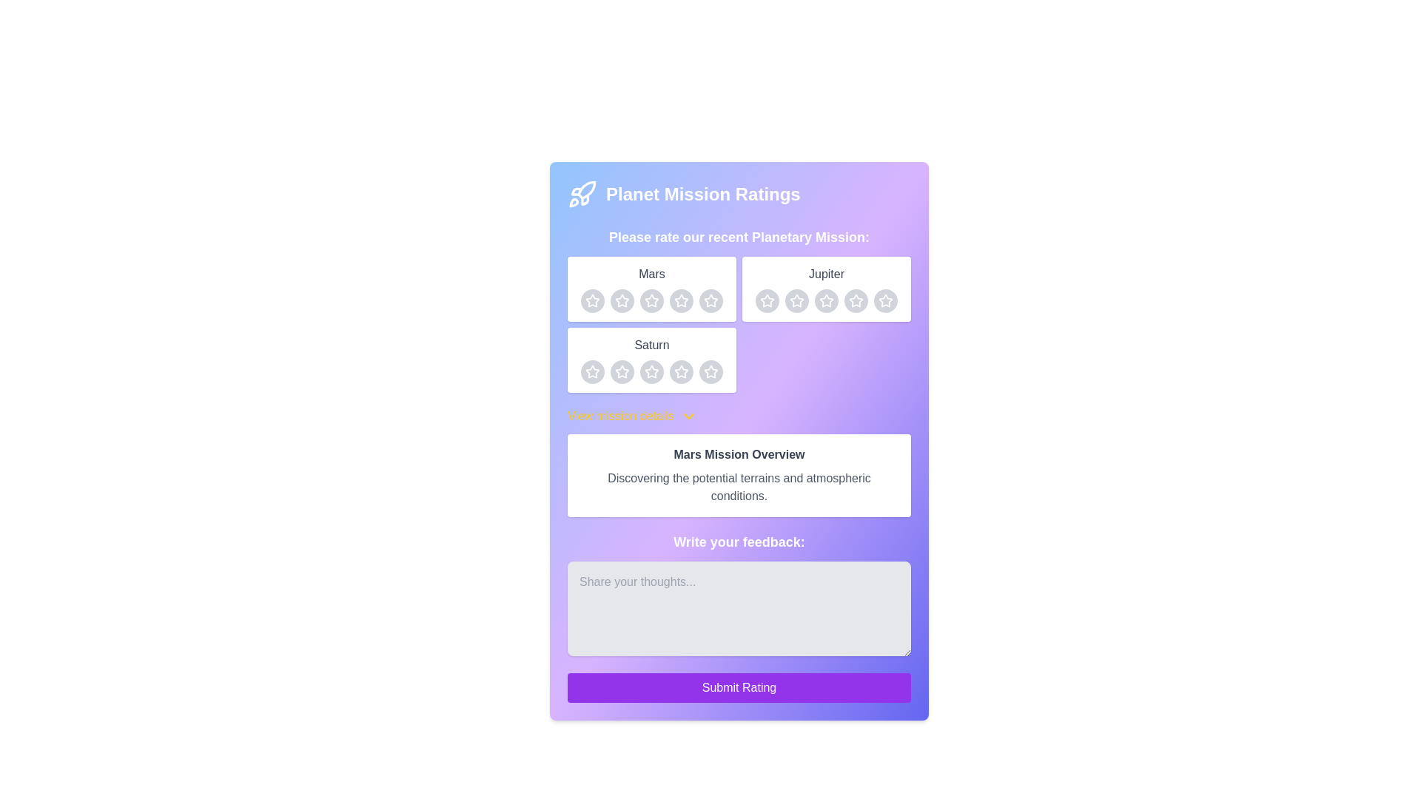 The image size is (1421, 799). Describe the element at coordinates (622, 300) in the screenshot. I see `the second star icon under the 'Mars' section in the Planet Mission Ratings card to rate it` at that location.